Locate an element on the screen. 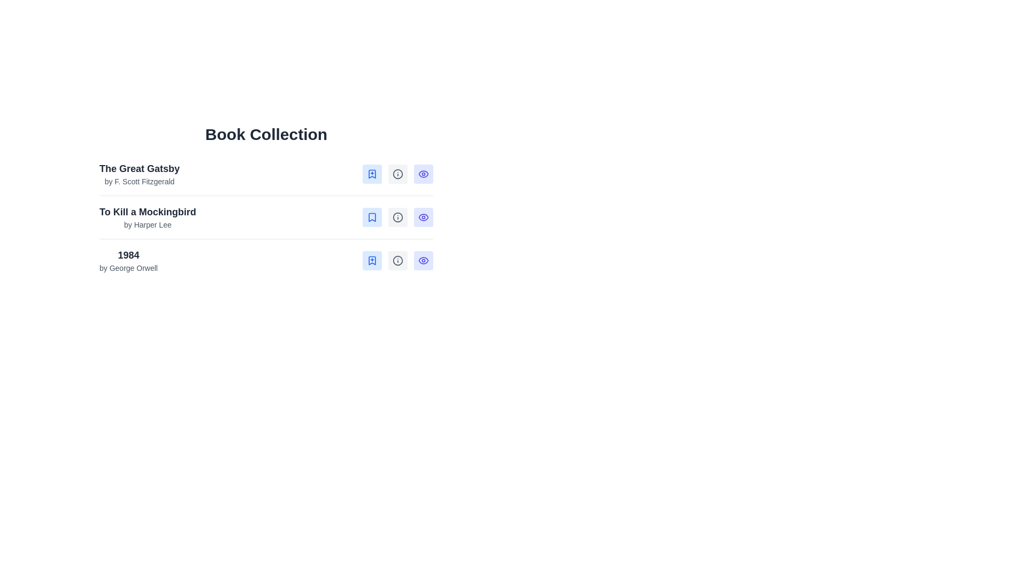 The height and width of the screenshot is (577, 1027). text label displaying 'To Kill a Mockingbird', which is bold and larger than surrounding text, positioned above the subtitle 'by Harper Lee' is located at coordinates (147, 212).